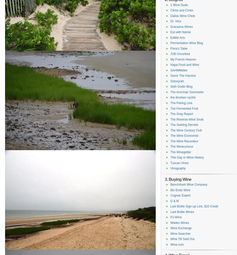 The width and height of the screenshot is (237, 255). Describe the element at coordinates (178, 168) in the screenshot. I see `'Vinography'` at that location.